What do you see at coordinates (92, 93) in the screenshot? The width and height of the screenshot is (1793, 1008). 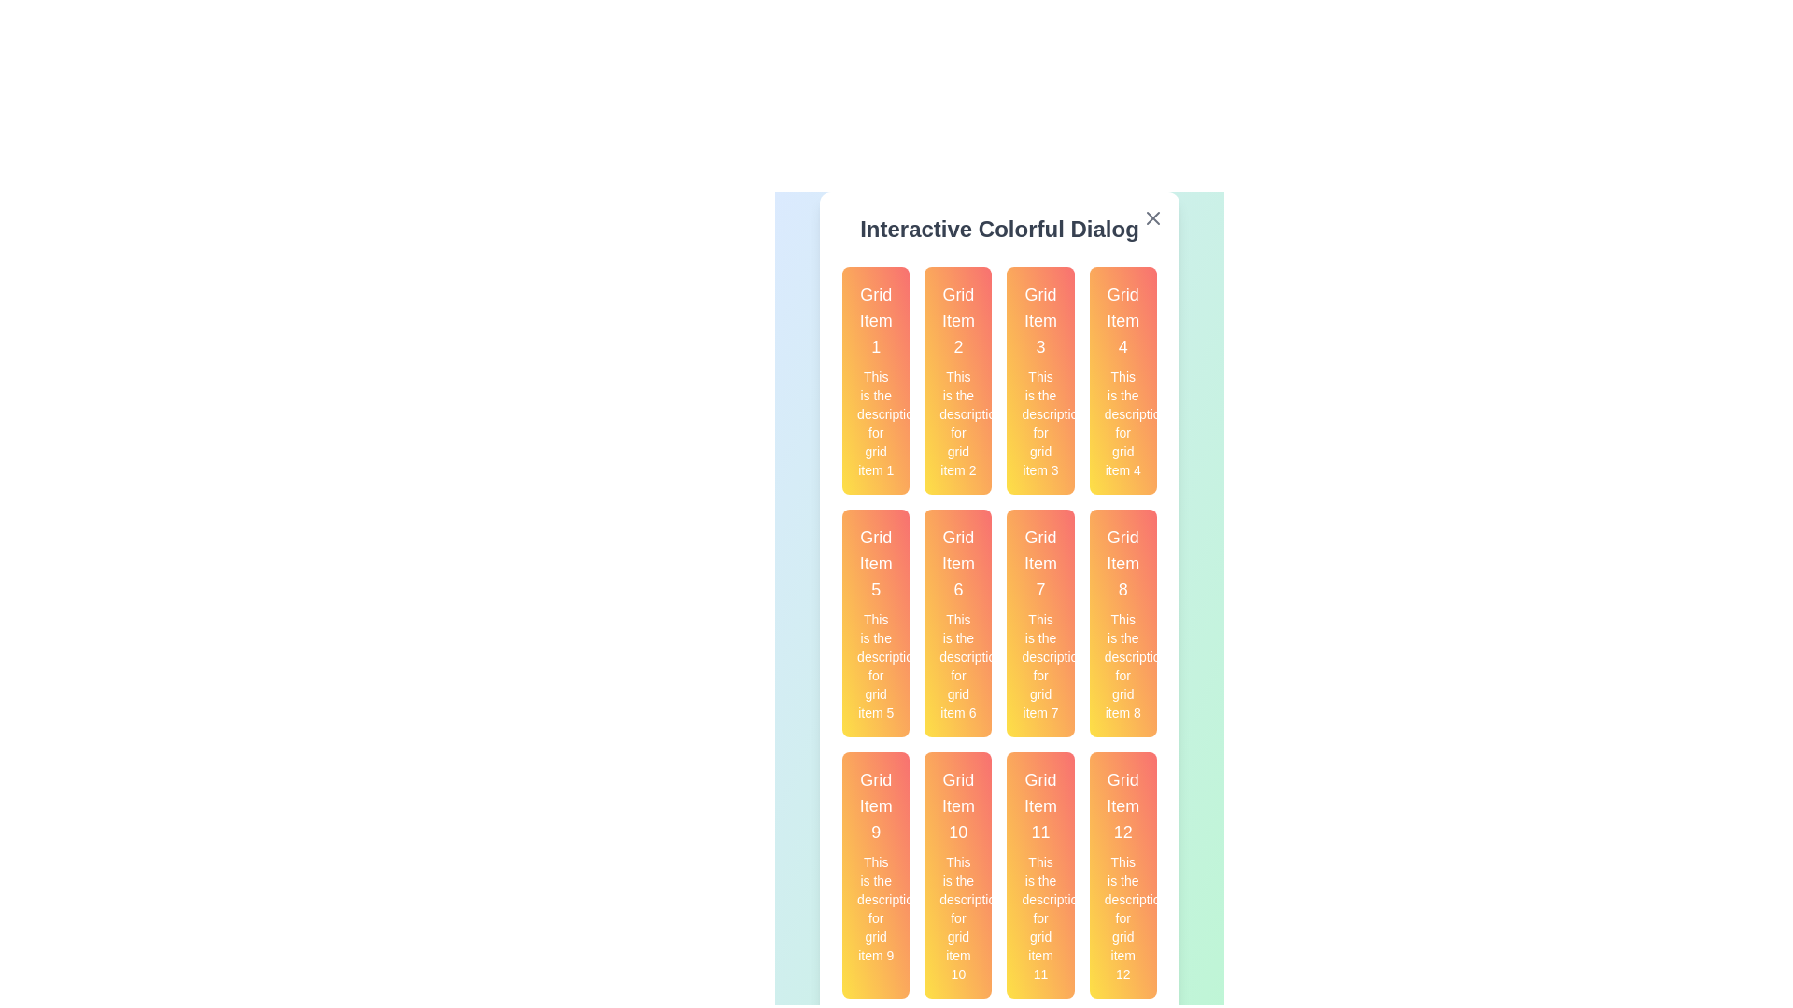 I see `the background outside the dialog to dismiss it` at bounding box center [92, 93].